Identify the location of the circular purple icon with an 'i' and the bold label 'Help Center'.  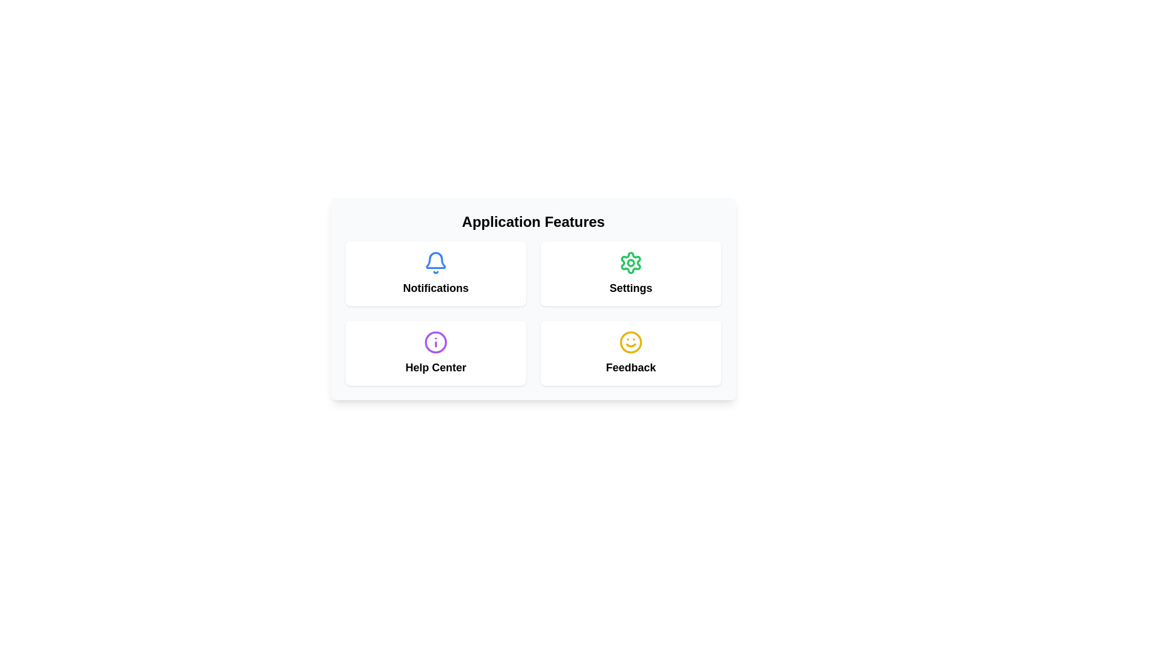
(435, 352).